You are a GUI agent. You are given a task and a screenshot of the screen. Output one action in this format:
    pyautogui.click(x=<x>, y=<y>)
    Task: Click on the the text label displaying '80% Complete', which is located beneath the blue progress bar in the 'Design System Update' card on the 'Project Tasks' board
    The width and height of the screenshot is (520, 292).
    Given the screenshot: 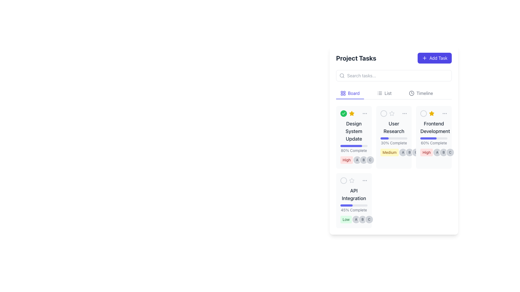 What is the action you would take?
    pyautogui.click(x=354, y=150)
    